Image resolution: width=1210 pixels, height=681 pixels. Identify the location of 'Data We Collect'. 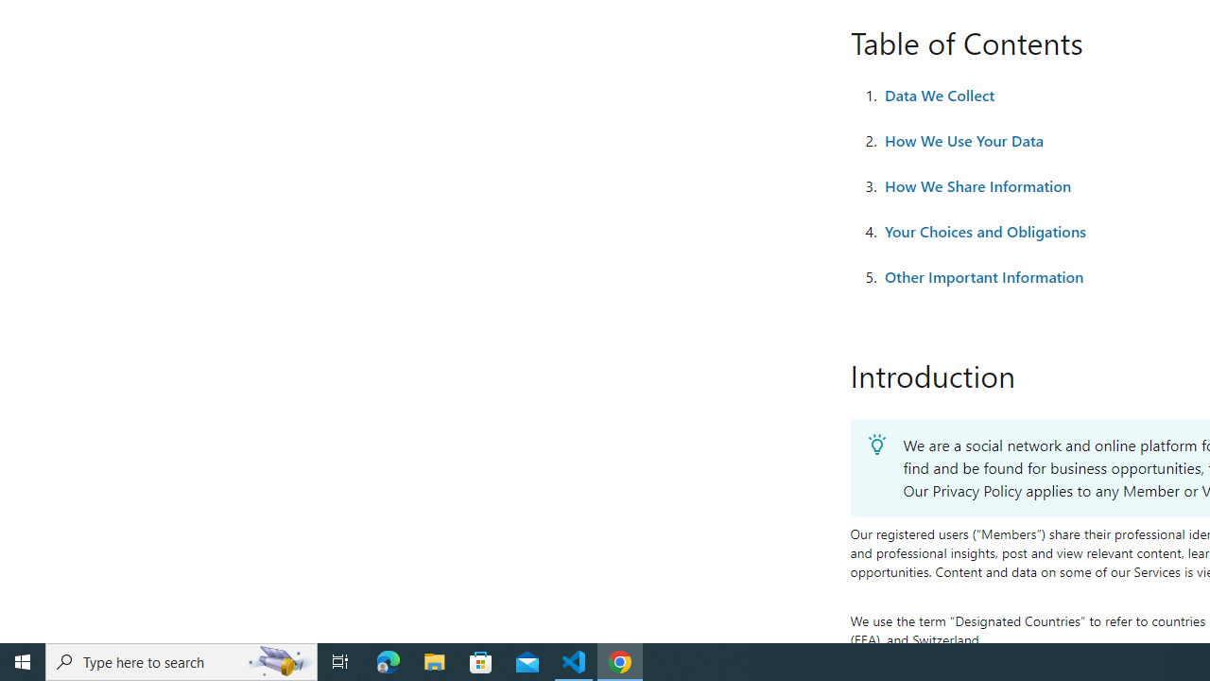
(939, 96).